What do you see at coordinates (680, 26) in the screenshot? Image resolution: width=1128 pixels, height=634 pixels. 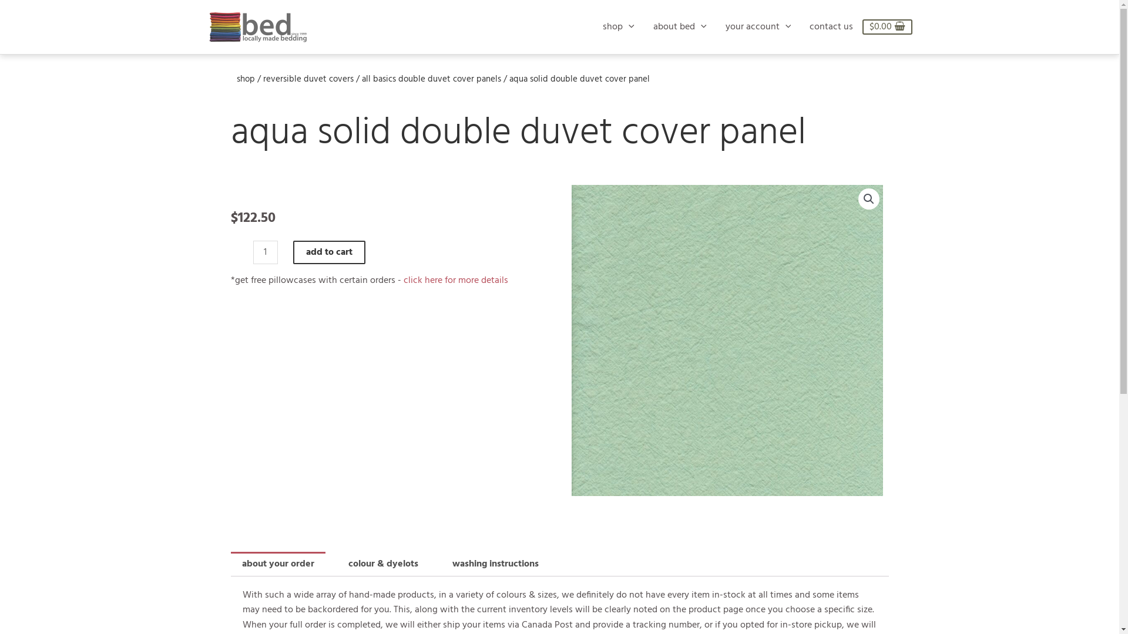 I see `'about bed'` at bounding box center [680, 26].